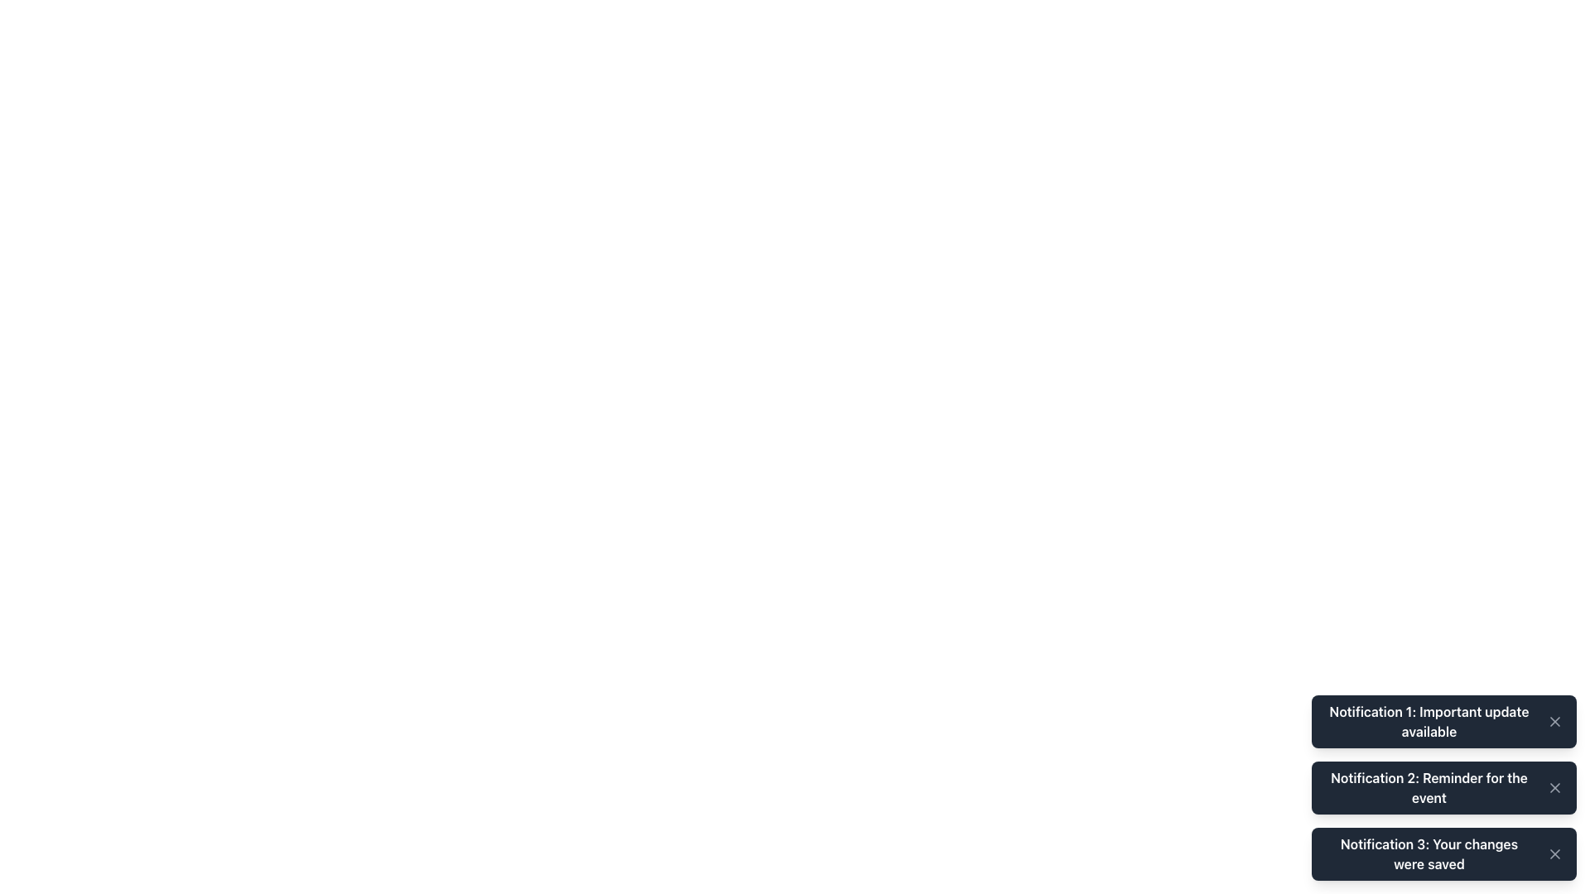  I want to click on the small circular dismiss button with an 'X' symbol located to the right of the text 'Notification 2: Reminder for the event', so click(1554, 787).